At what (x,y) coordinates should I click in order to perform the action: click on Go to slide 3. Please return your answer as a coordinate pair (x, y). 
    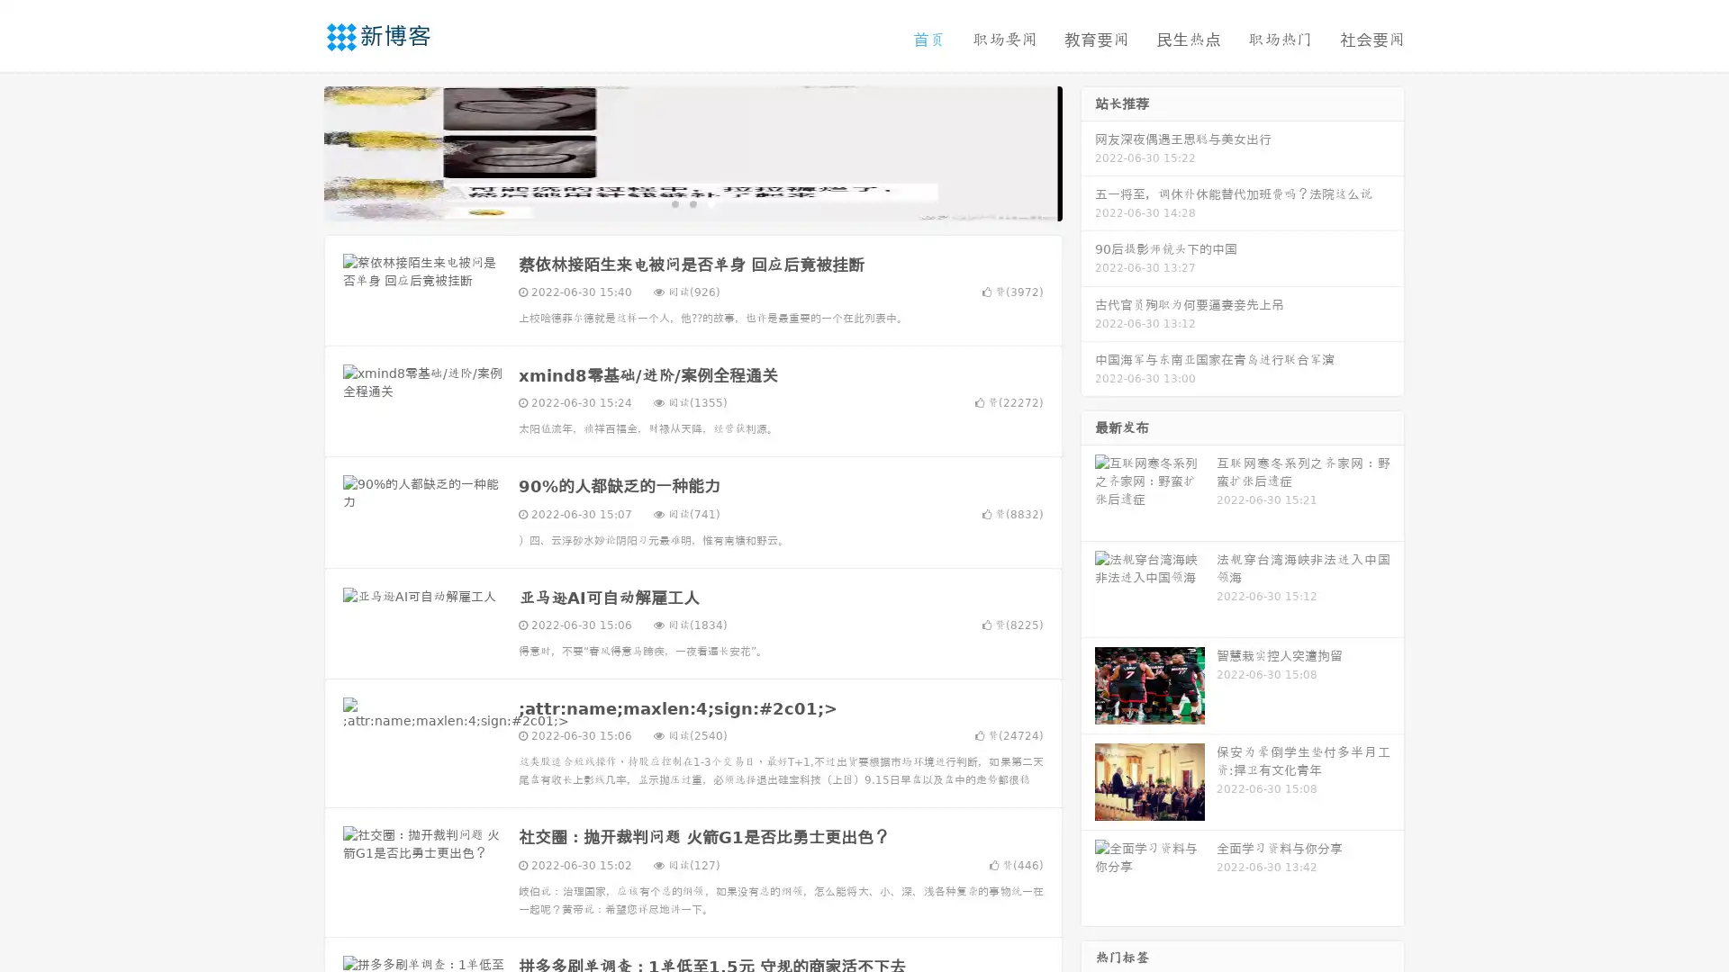
    Looking at the image, I should click on (711, 202).